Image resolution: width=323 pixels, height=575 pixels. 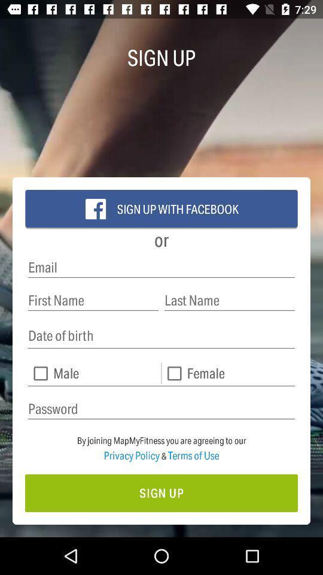 What do you see at coordinates (161, 267) in the screenshot?
I see `type your email` at bounding box center [161, 267].